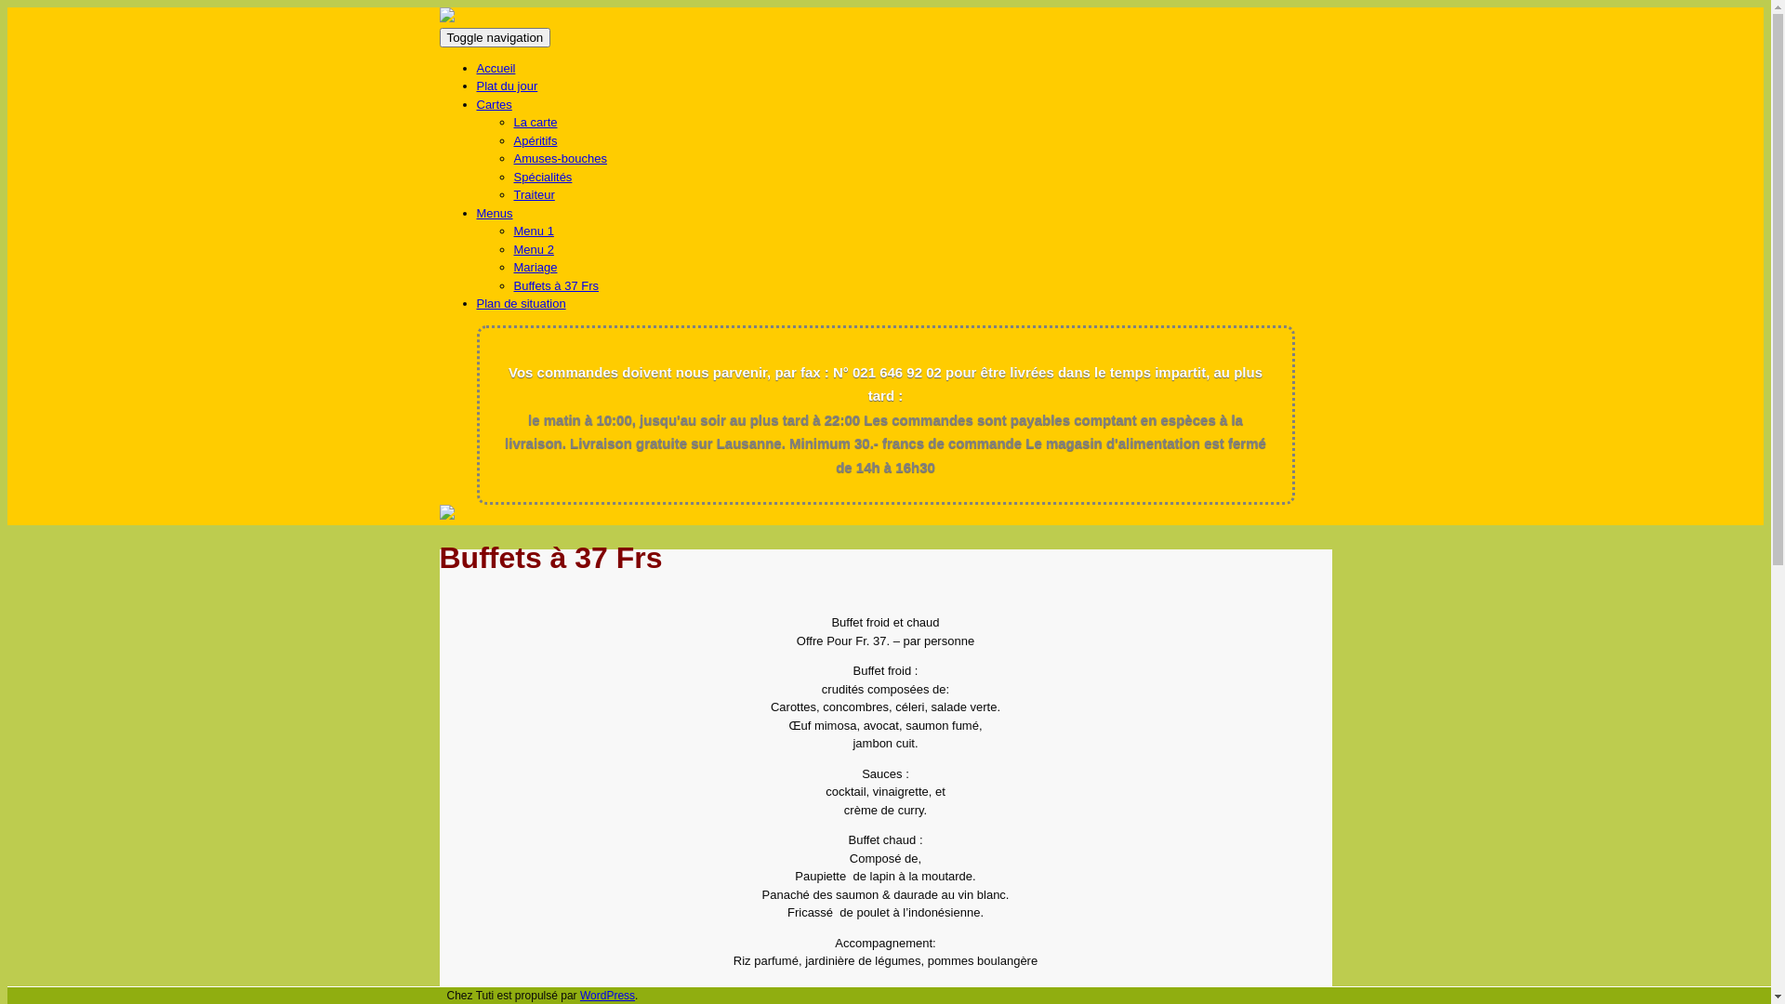  What do you see at coordinates (534, 122) in the screenshot?
I see `'La carte'` at bounding box center [534, 122].